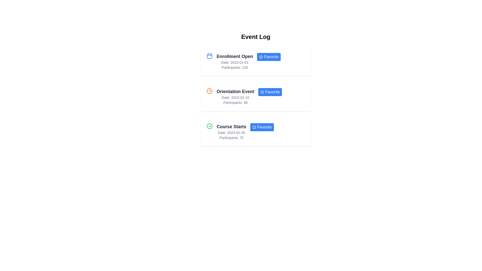 This screenshot has height=271, width=482. Describe the element at coordinates (210, 56) in the screenshot. I see `the rectangular component with rounded corners that is part of the calendar icon representation, located to the left of the 'Enrollment Open' text` at that location.